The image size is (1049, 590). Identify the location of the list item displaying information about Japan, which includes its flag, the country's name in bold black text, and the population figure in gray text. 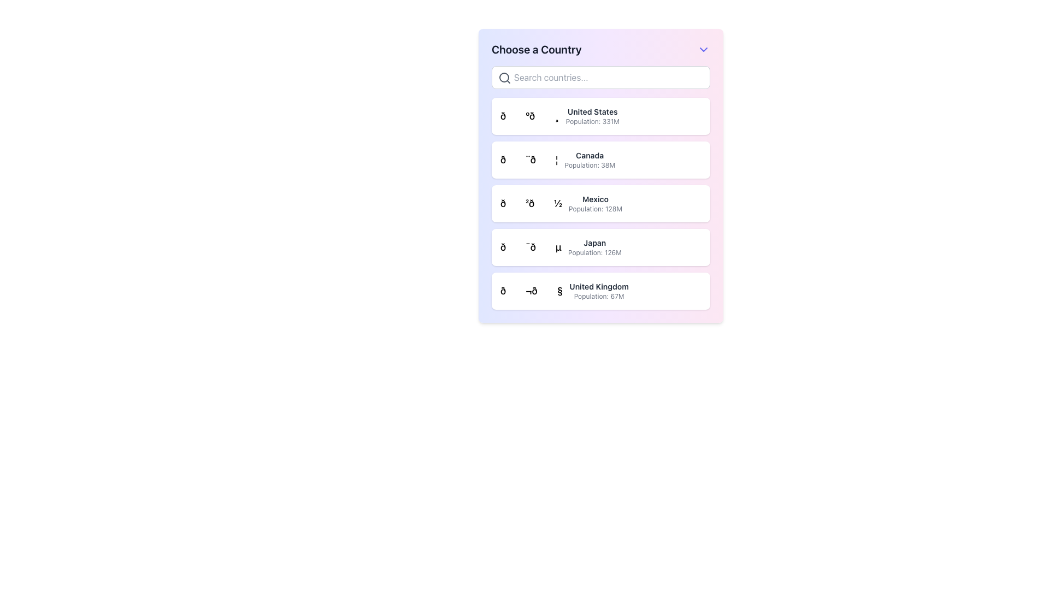
(561, 247).